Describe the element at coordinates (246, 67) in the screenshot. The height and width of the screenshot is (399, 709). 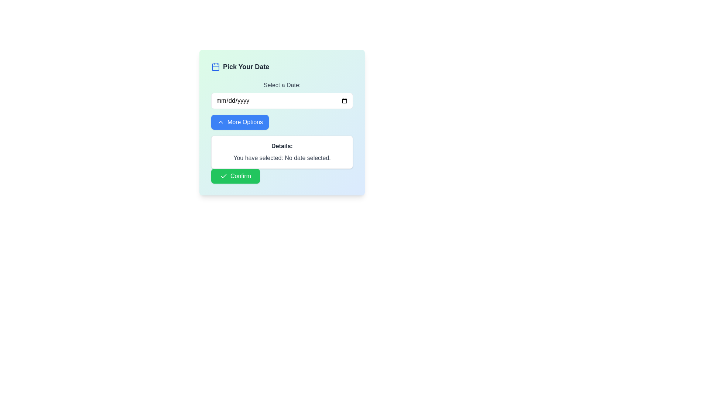
I see `the 'Pick Your Date' text label, which is styled in bold, large gray font and is located next to a blue calendar icon` at that location.